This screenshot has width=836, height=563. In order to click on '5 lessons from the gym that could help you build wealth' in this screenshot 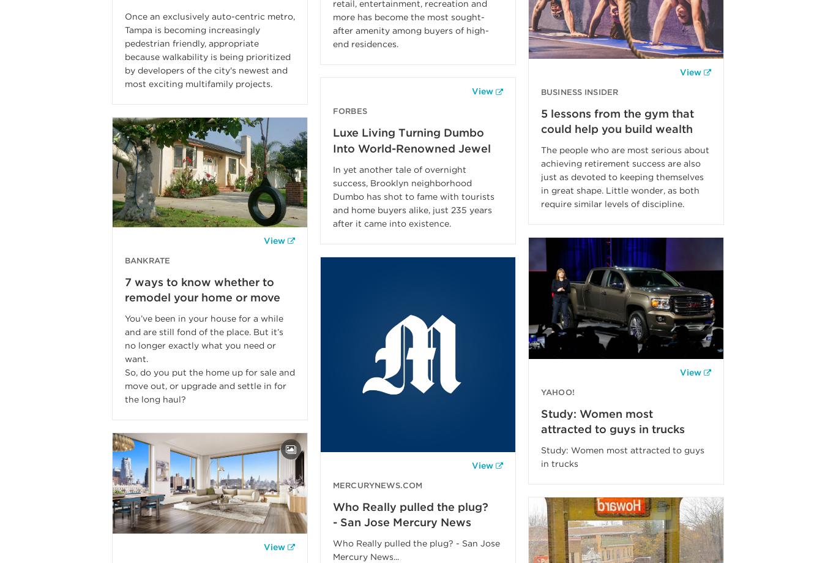, I will do `click(618, 121)`.